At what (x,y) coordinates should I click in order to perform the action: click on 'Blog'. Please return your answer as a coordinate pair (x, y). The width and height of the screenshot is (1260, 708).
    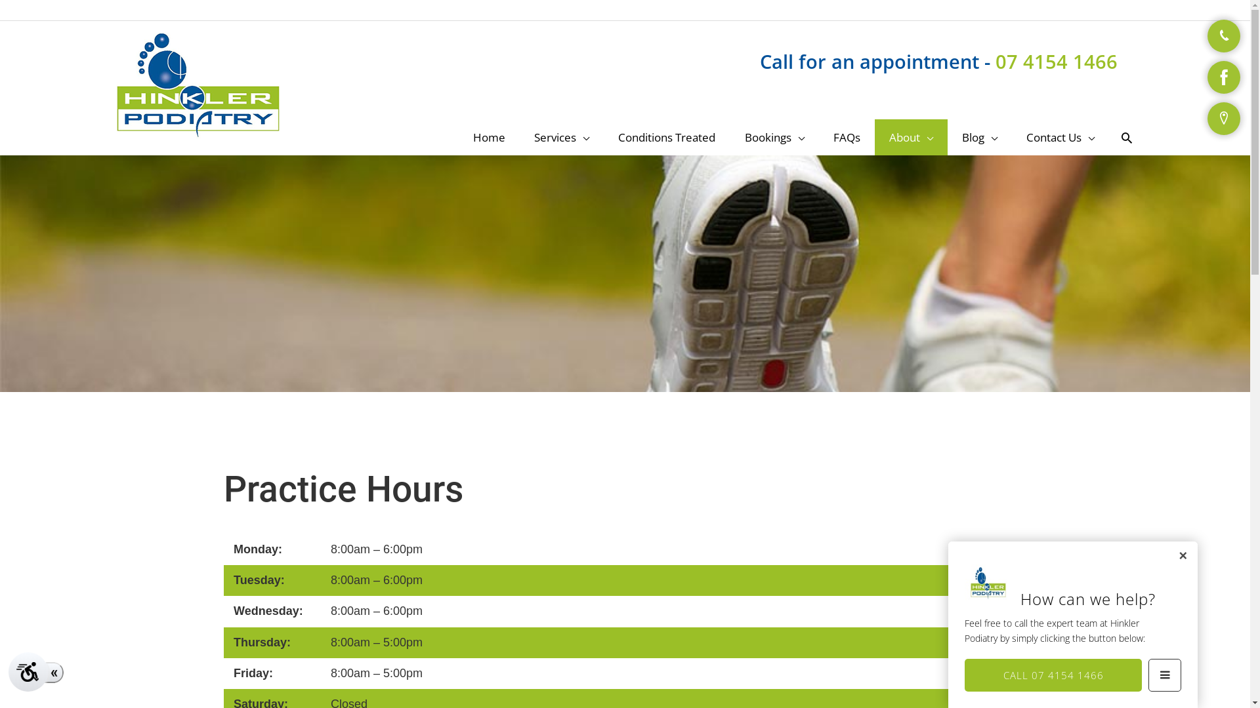
    Looking at the image, I should click on (948, 137).